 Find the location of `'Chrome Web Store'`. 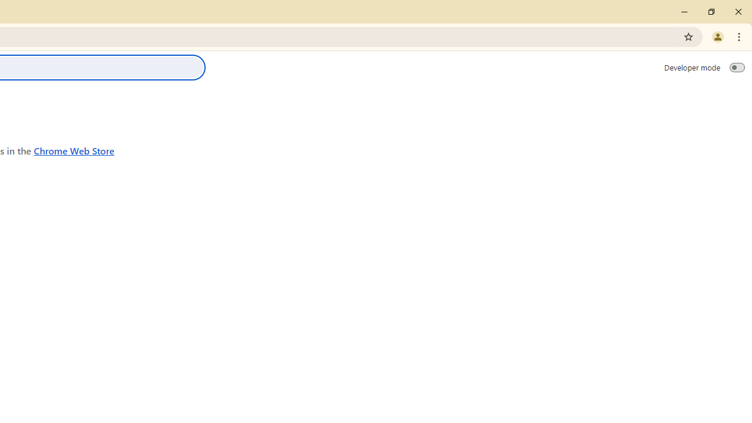

'Chrome Web Store' is located at coordinates (73, 150).